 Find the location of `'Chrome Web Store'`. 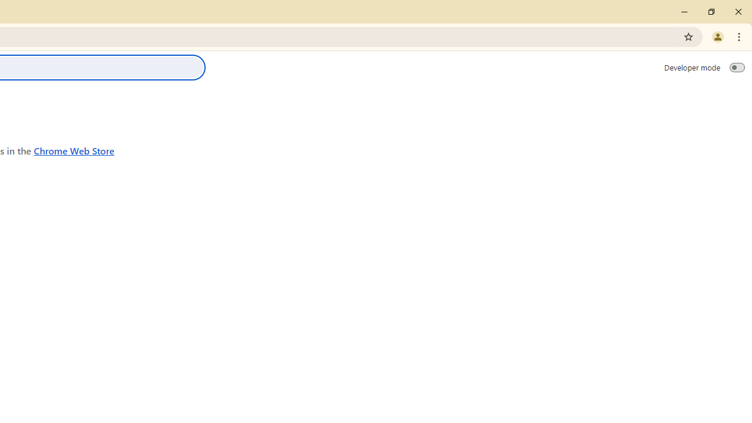

'Chrome Web Store' is located at coordinates (73, 150).